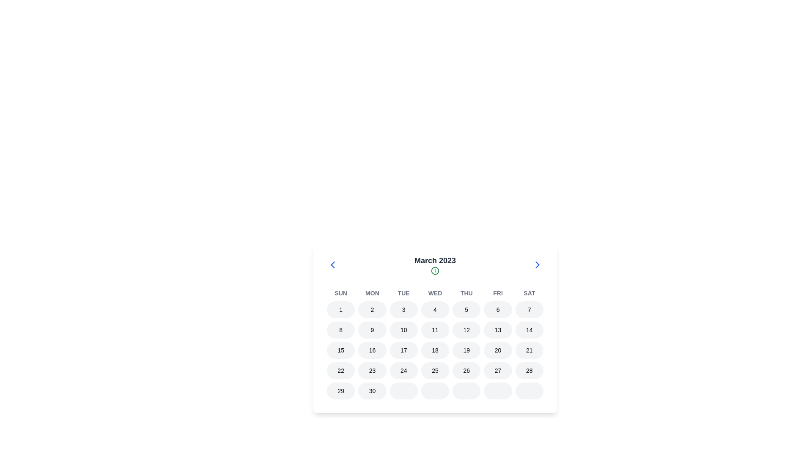 This screenshot has width=812, height=457. Describe the element at coordinates (498, 329) in the screenshot. I see `the circular button with the black text '13' on a light grey background, located in the second row of the calendar grid under the 'FRI' column` at that location.